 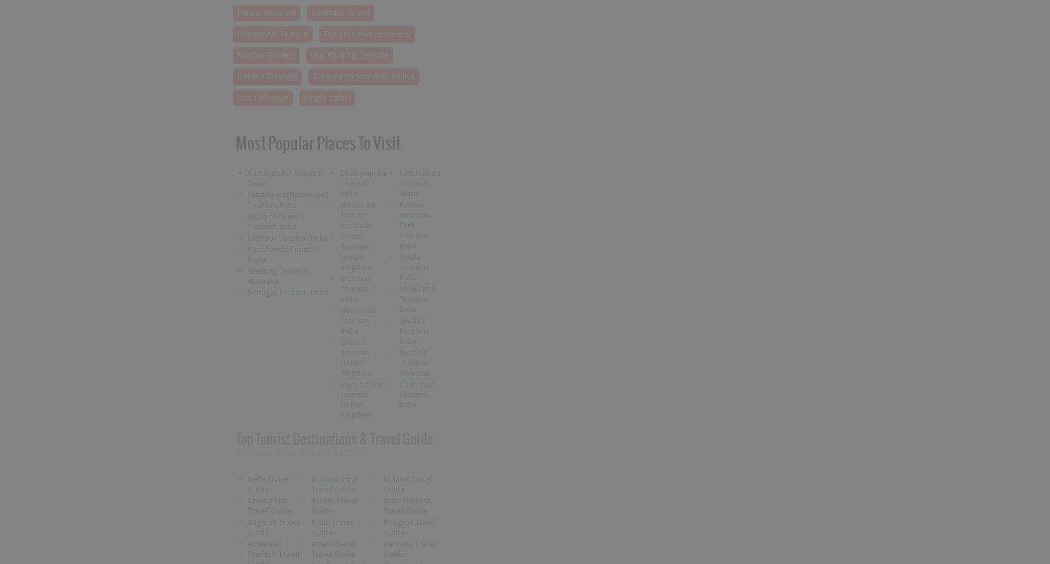 I want to click on 'Manchester Tourism  United Kingdom', so click(x=360, y=398).